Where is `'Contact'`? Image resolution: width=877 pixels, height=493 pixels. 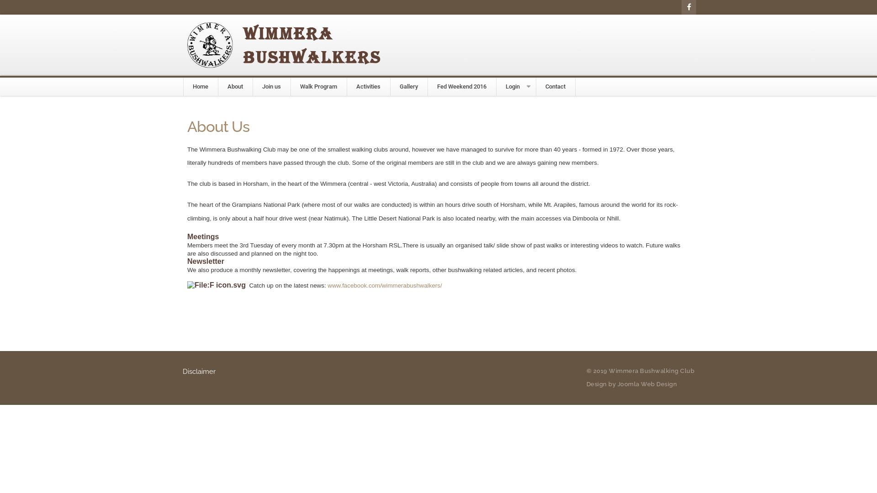
'Contact' is located at coordinates (555, 86).